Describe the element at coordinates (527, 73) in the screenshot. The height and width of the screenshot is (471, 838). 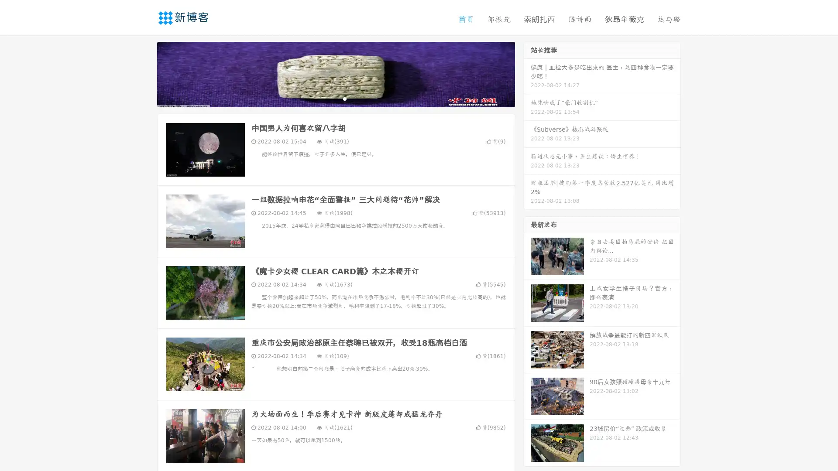
I see `Next slide` at that location.